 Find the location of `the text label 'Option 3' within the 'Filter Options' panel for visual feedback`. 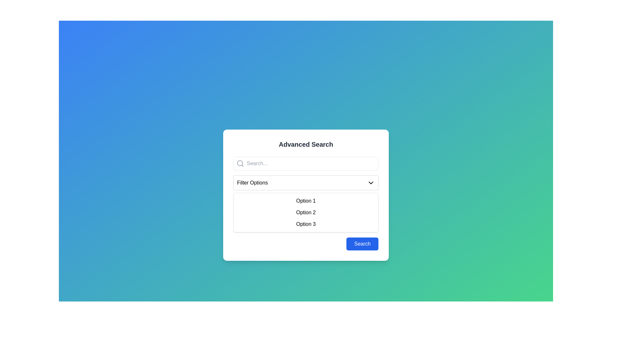

the text label 'Option 3' within the 'Filter Options' panel for visual feedback is located at coordinates (305, 224).